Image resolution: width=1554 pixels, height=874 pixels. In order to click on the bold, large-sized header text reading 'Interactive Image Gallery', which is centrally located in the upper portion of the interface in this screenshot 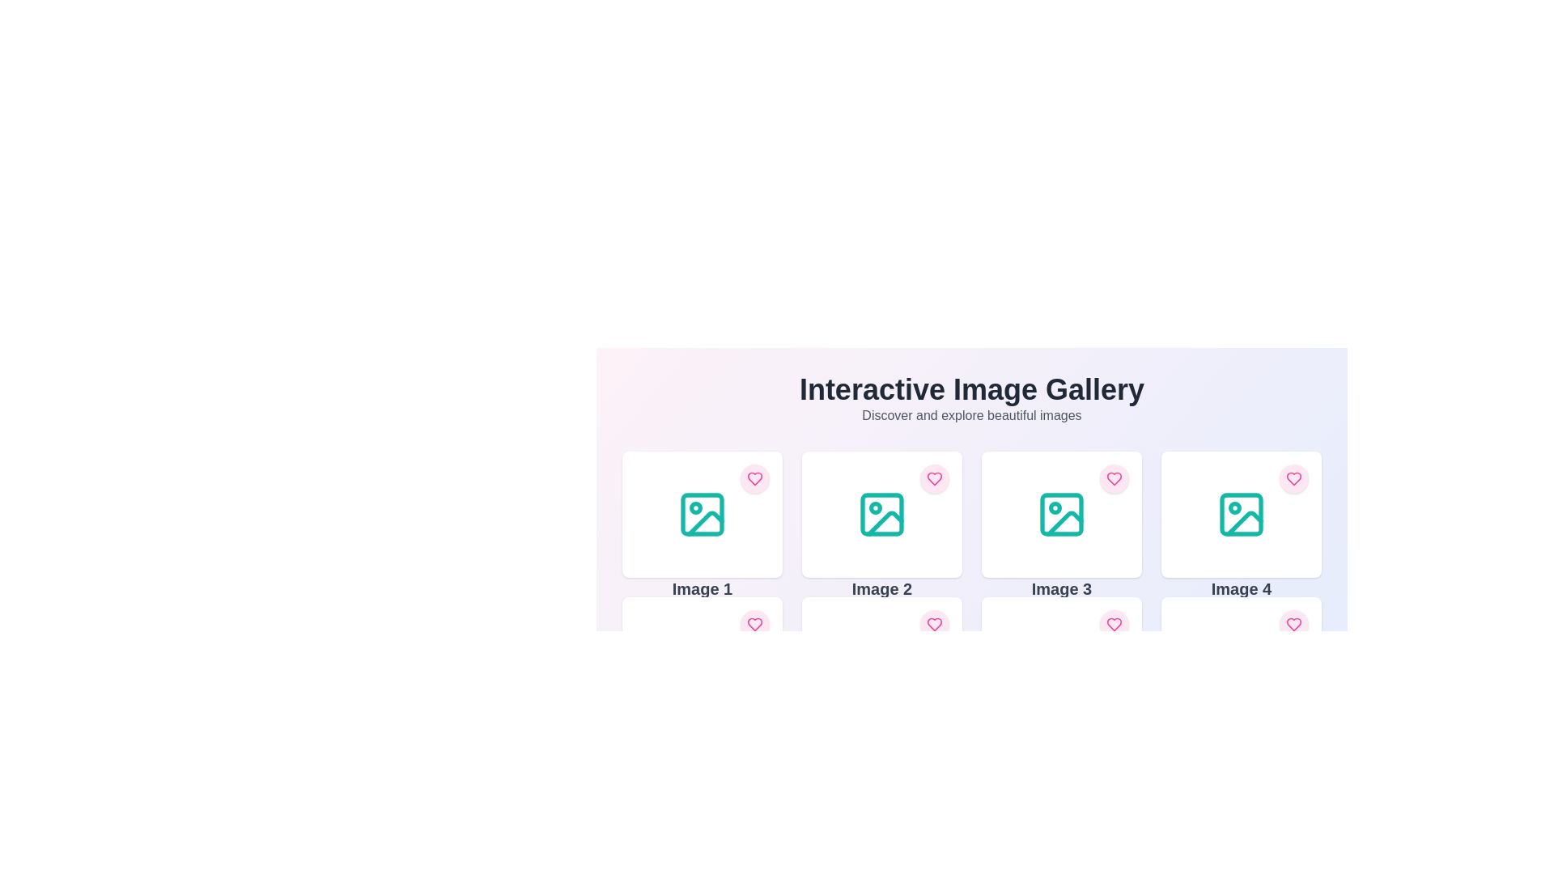, I will do `click(971, 390)`.